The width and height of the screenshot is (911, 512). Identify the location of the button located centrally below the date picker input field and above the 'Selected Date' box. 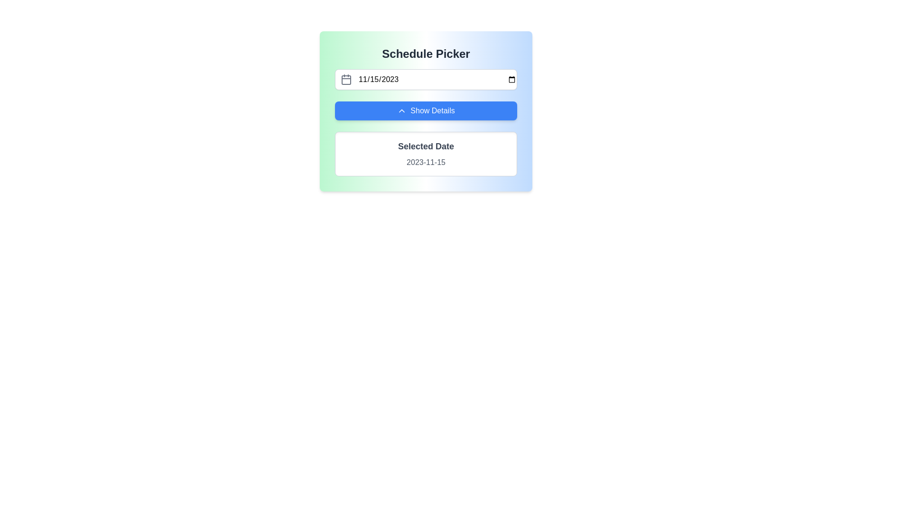
(425, 110).